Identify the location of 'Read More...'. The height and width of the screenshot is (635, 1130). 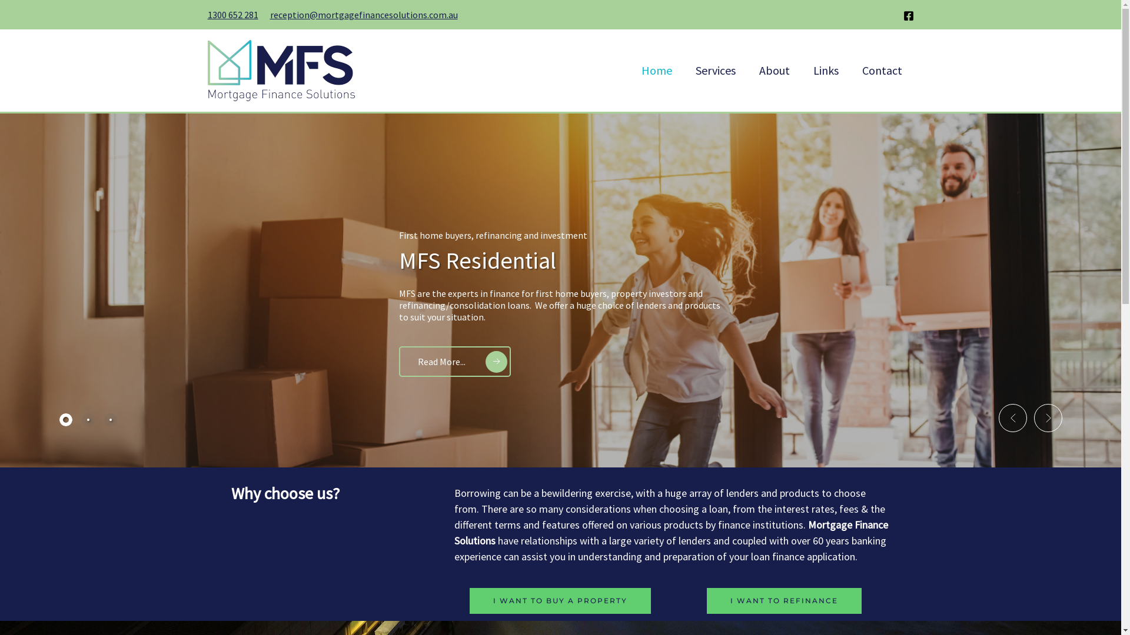
(454, 360).